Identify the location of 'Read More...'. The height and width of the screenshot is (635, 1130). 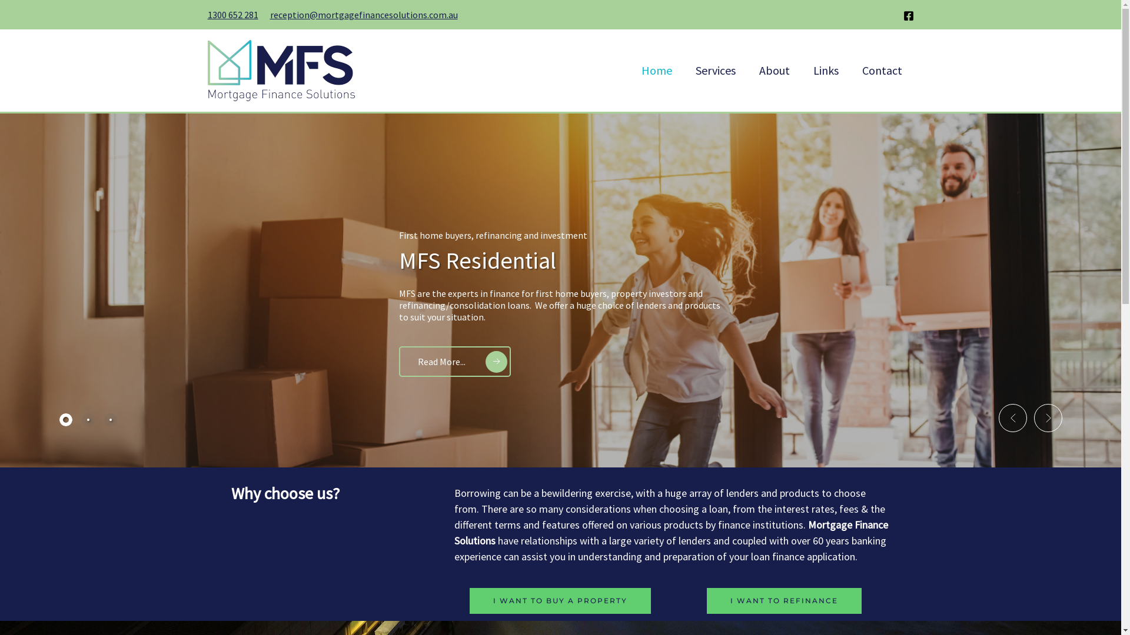
(454, 360).